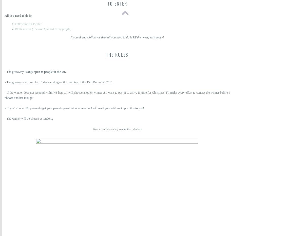 The height and width of the screenshot is (236, 306). I want to click on '- If the winner does not respond within 48 hours, I will choose another winner as I want to post it to arrive in time for Christmas. I'll make every effort to contact the winner before I choose another though.', so click(117, 95).